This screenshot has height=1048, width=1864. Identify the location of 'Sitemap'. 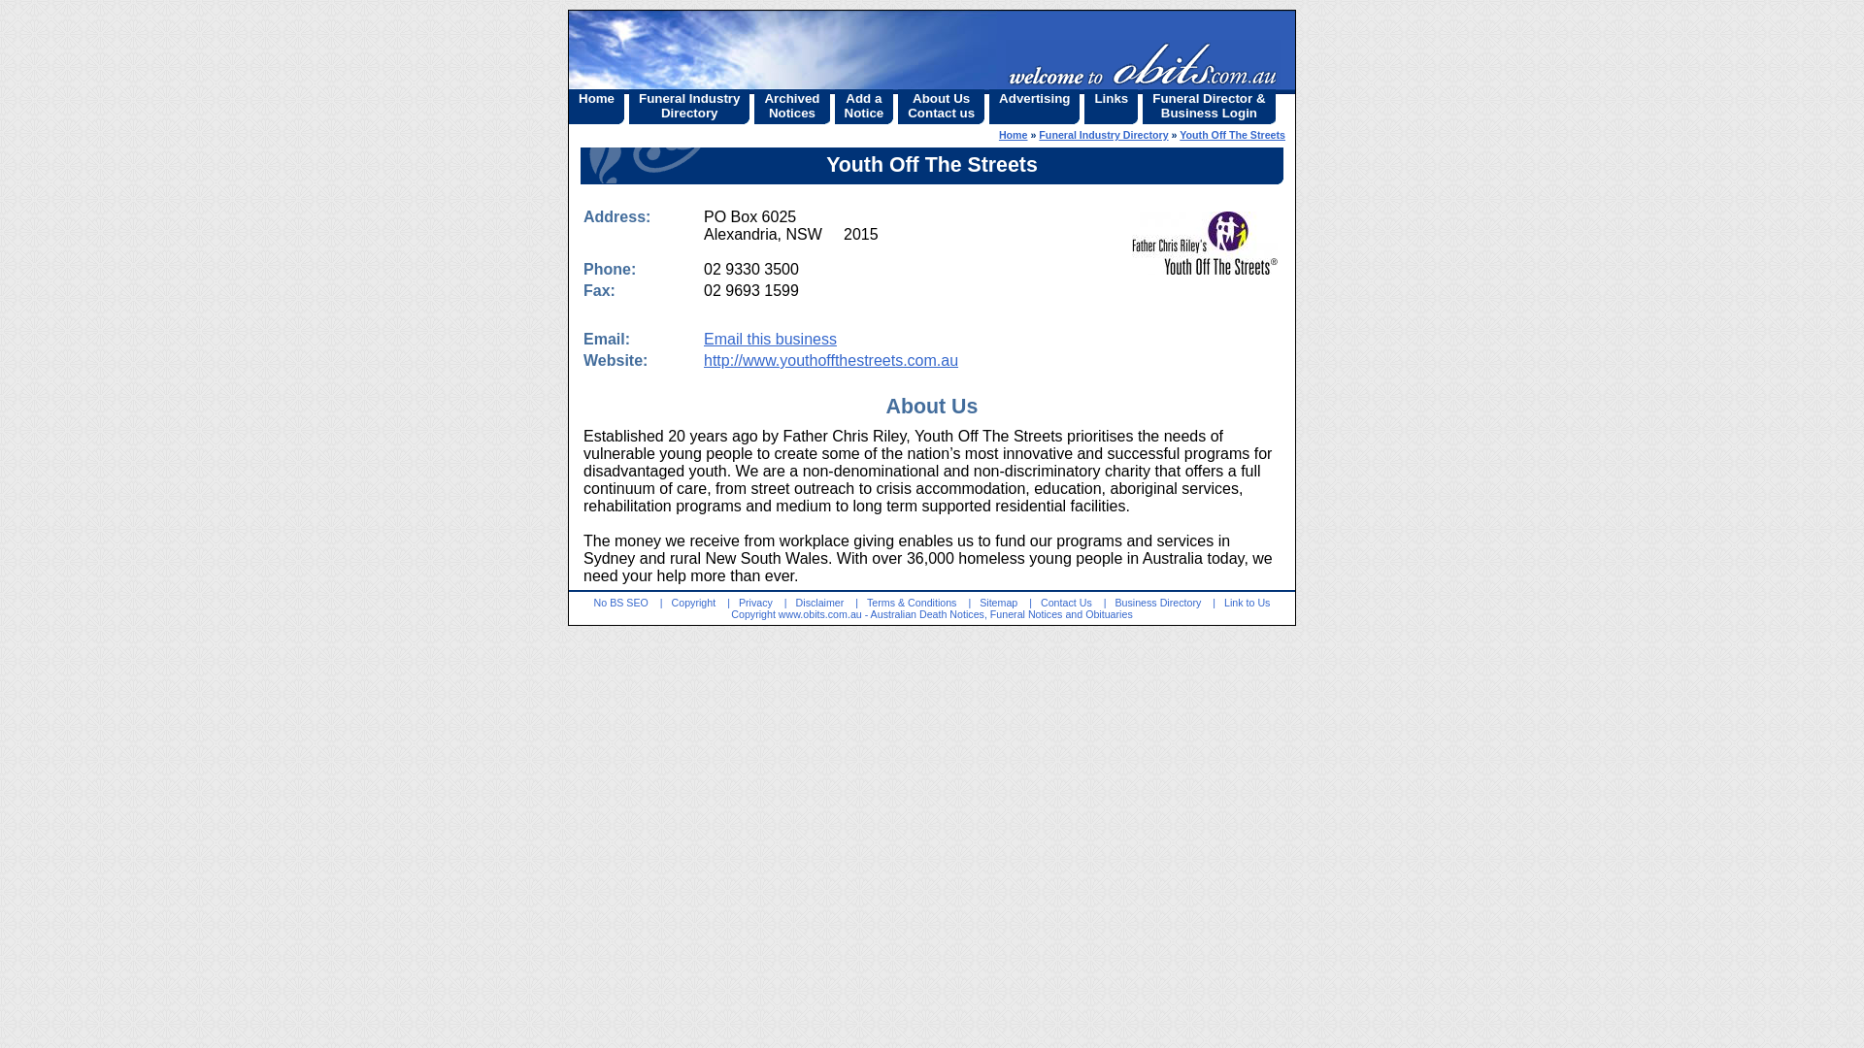
(970, 602).